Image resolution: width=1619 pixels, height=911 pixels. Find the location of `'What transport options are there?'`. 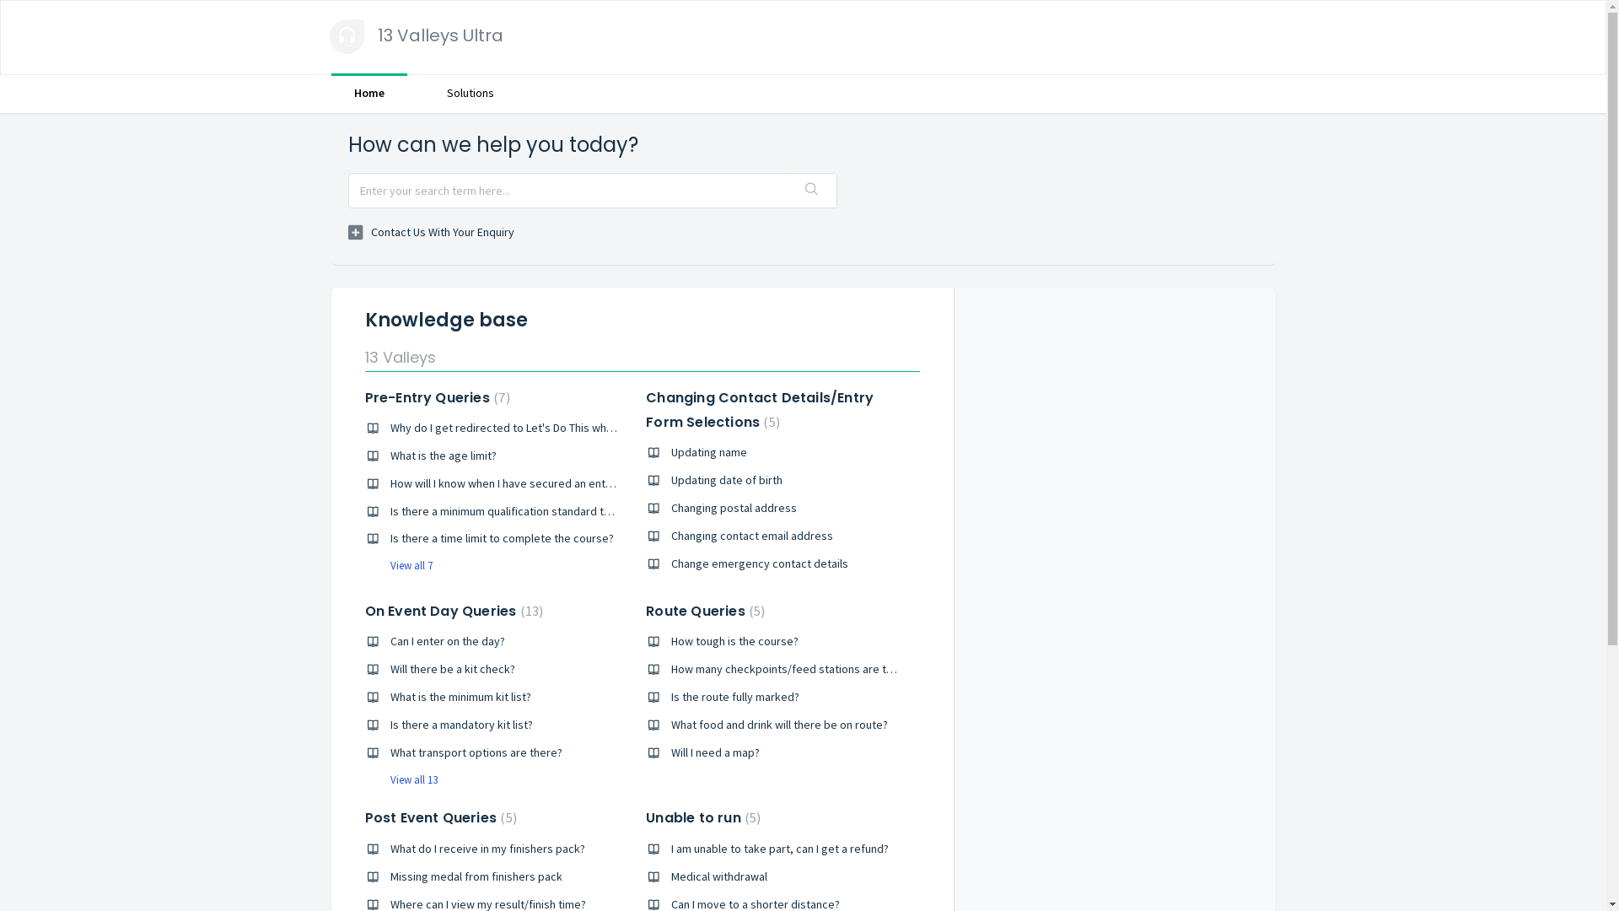

'What transport options are there?' is located at coordinates (388, 751).